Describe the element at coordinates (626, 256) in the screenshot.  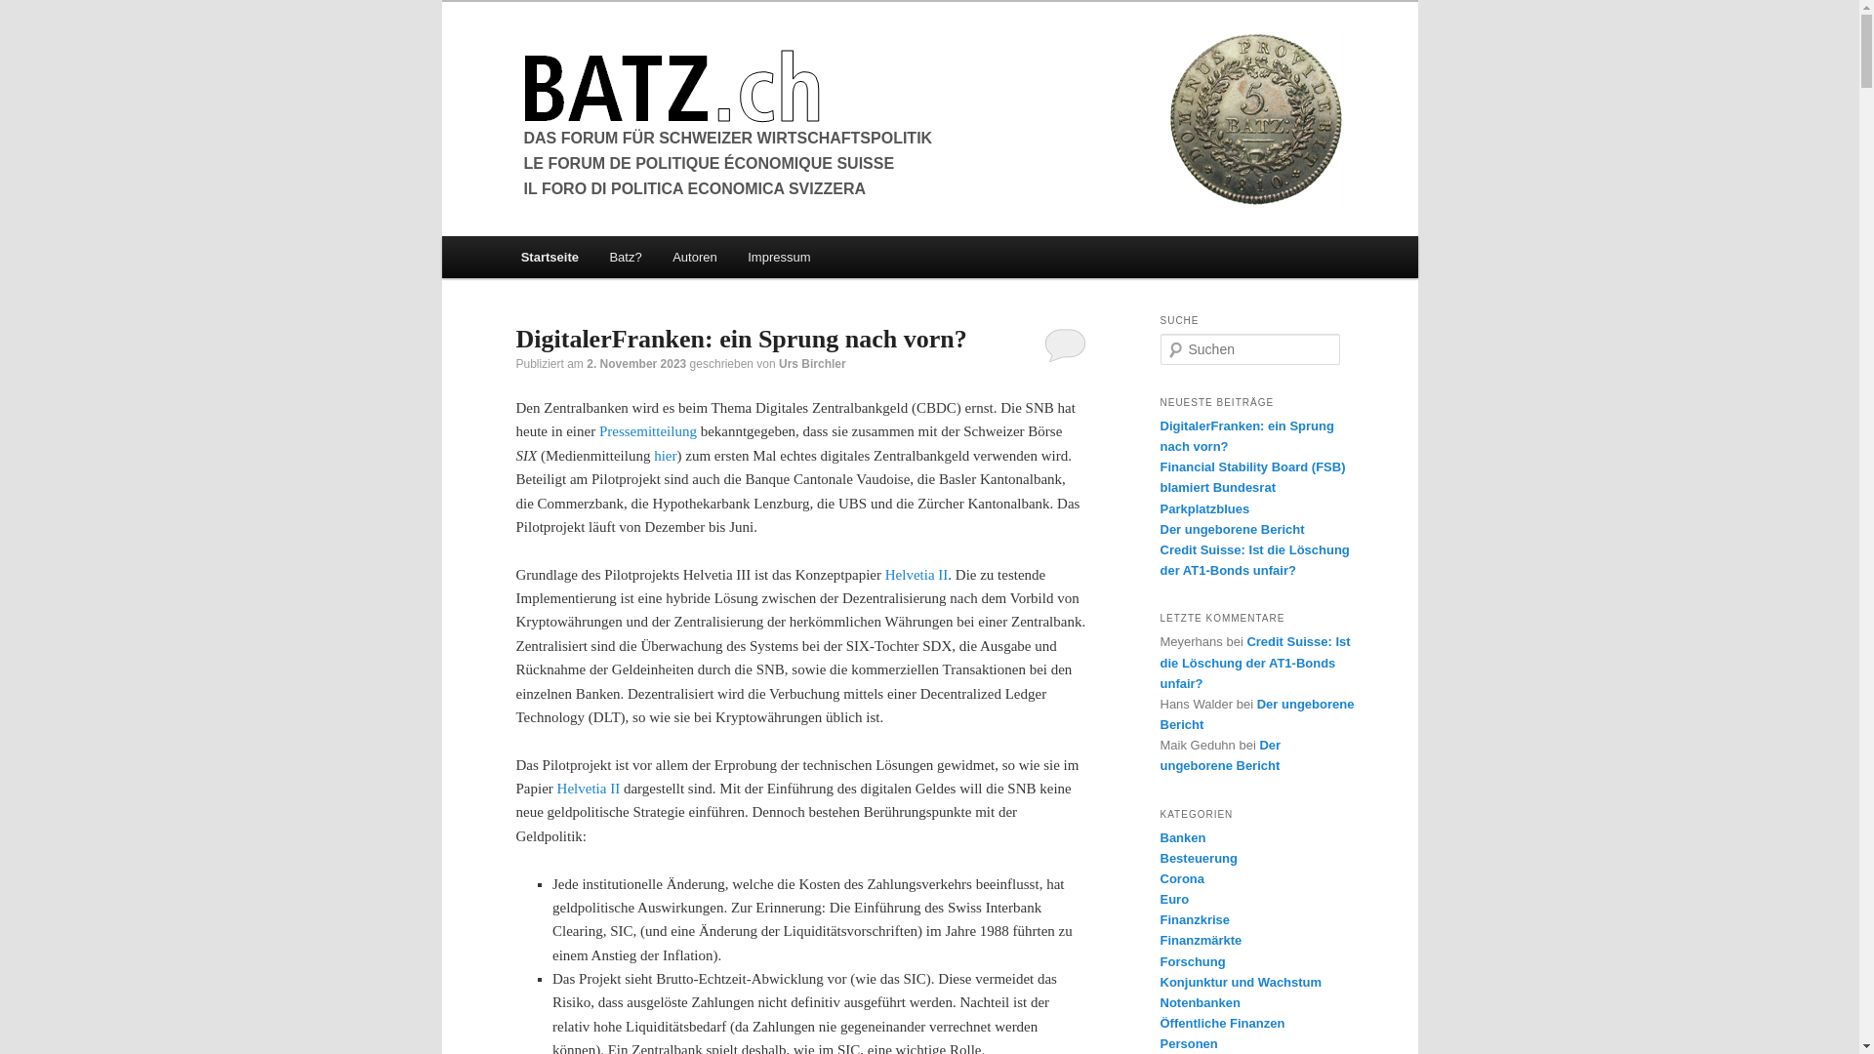
I see `'Batz?'` at that location.